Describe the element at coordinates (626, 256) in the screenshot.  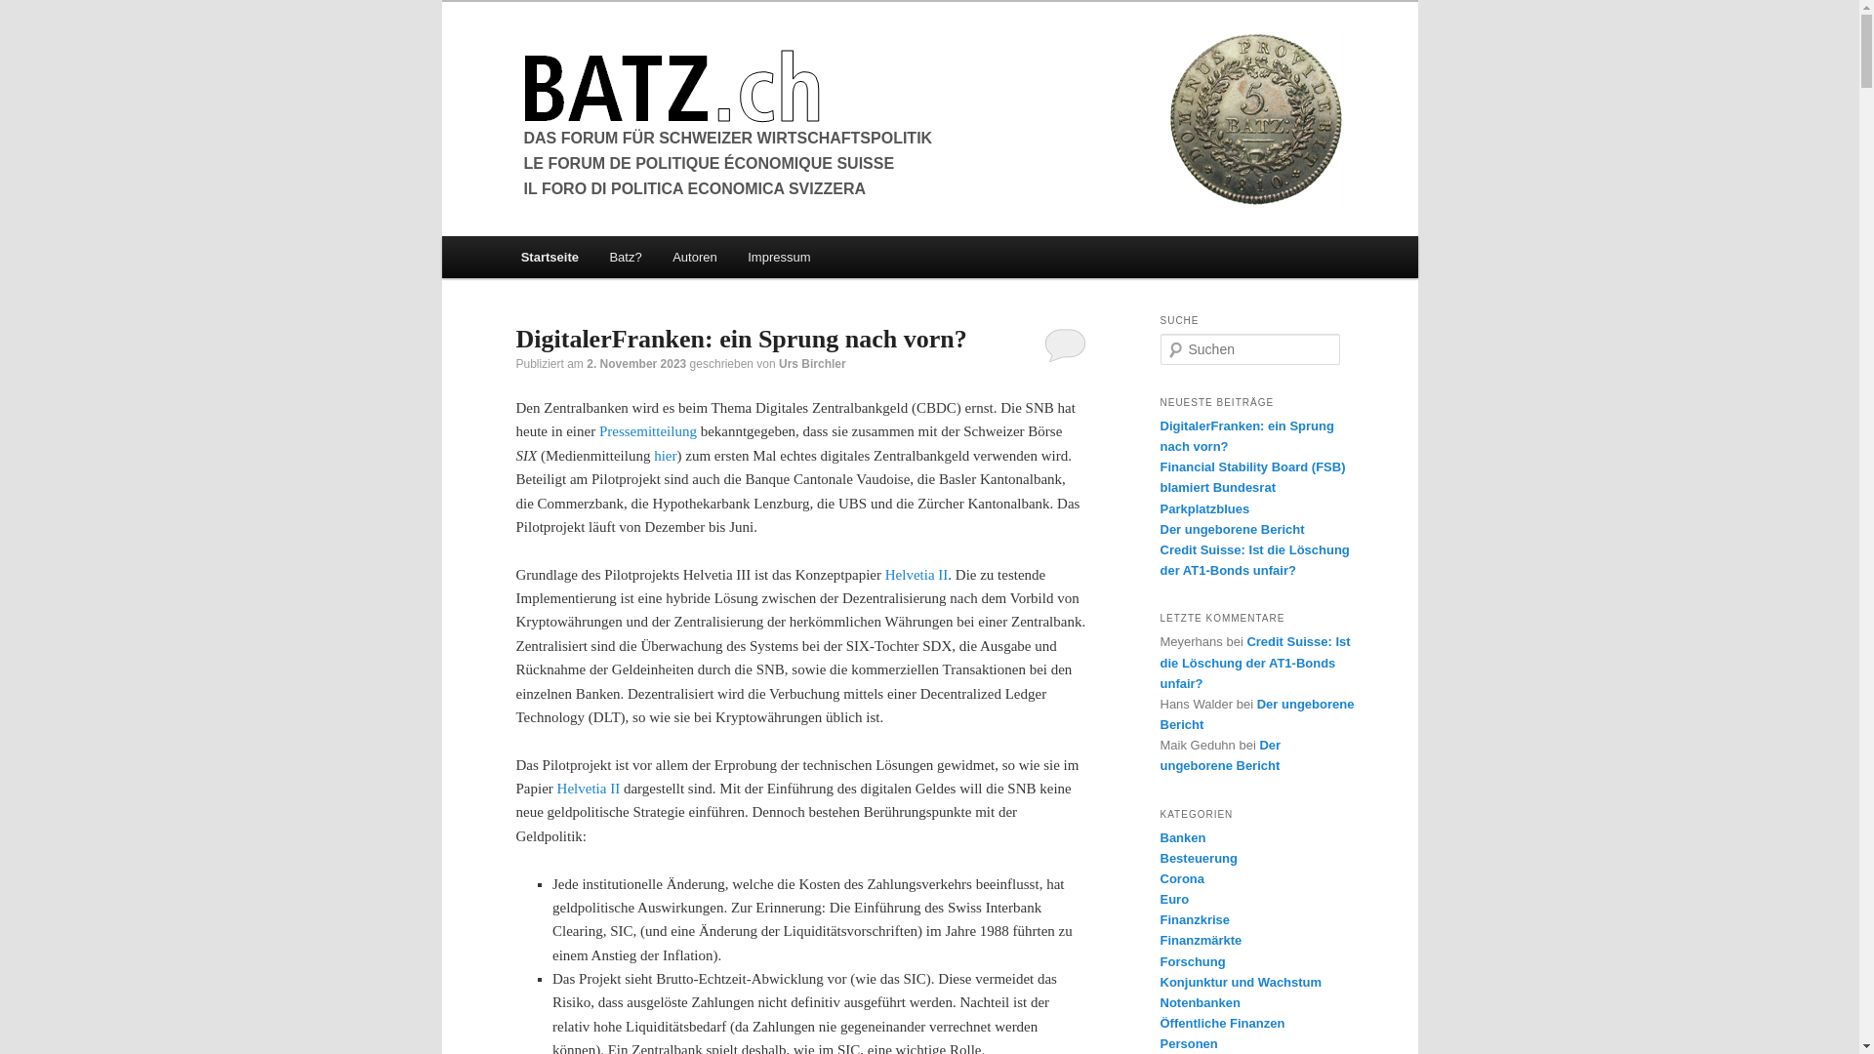
I see `'Batz?'` at that location.